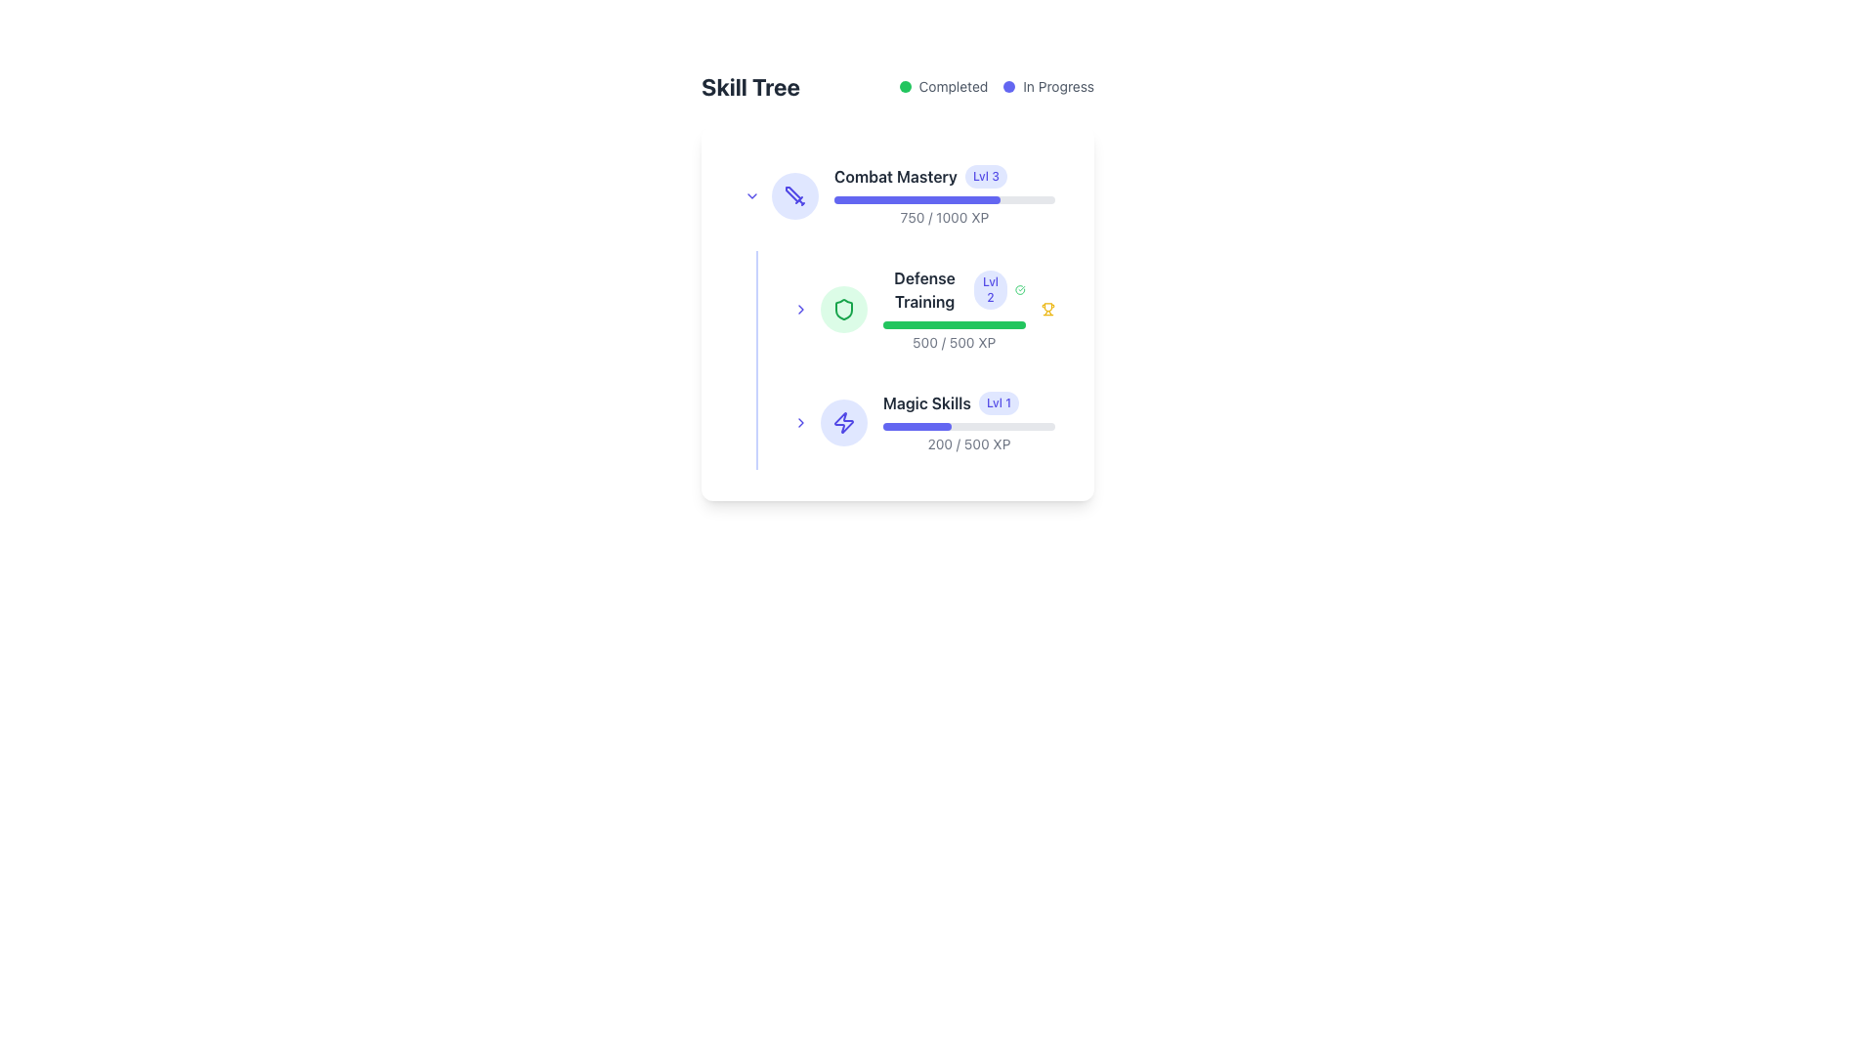 Image resolution: width=1876 pixels, height=1055 pixels. I want to click on the circular Icon button with a light indigo background and a sword icon, located in the top-left corner of the 'Combat Mastery' section, so click(795, 195).